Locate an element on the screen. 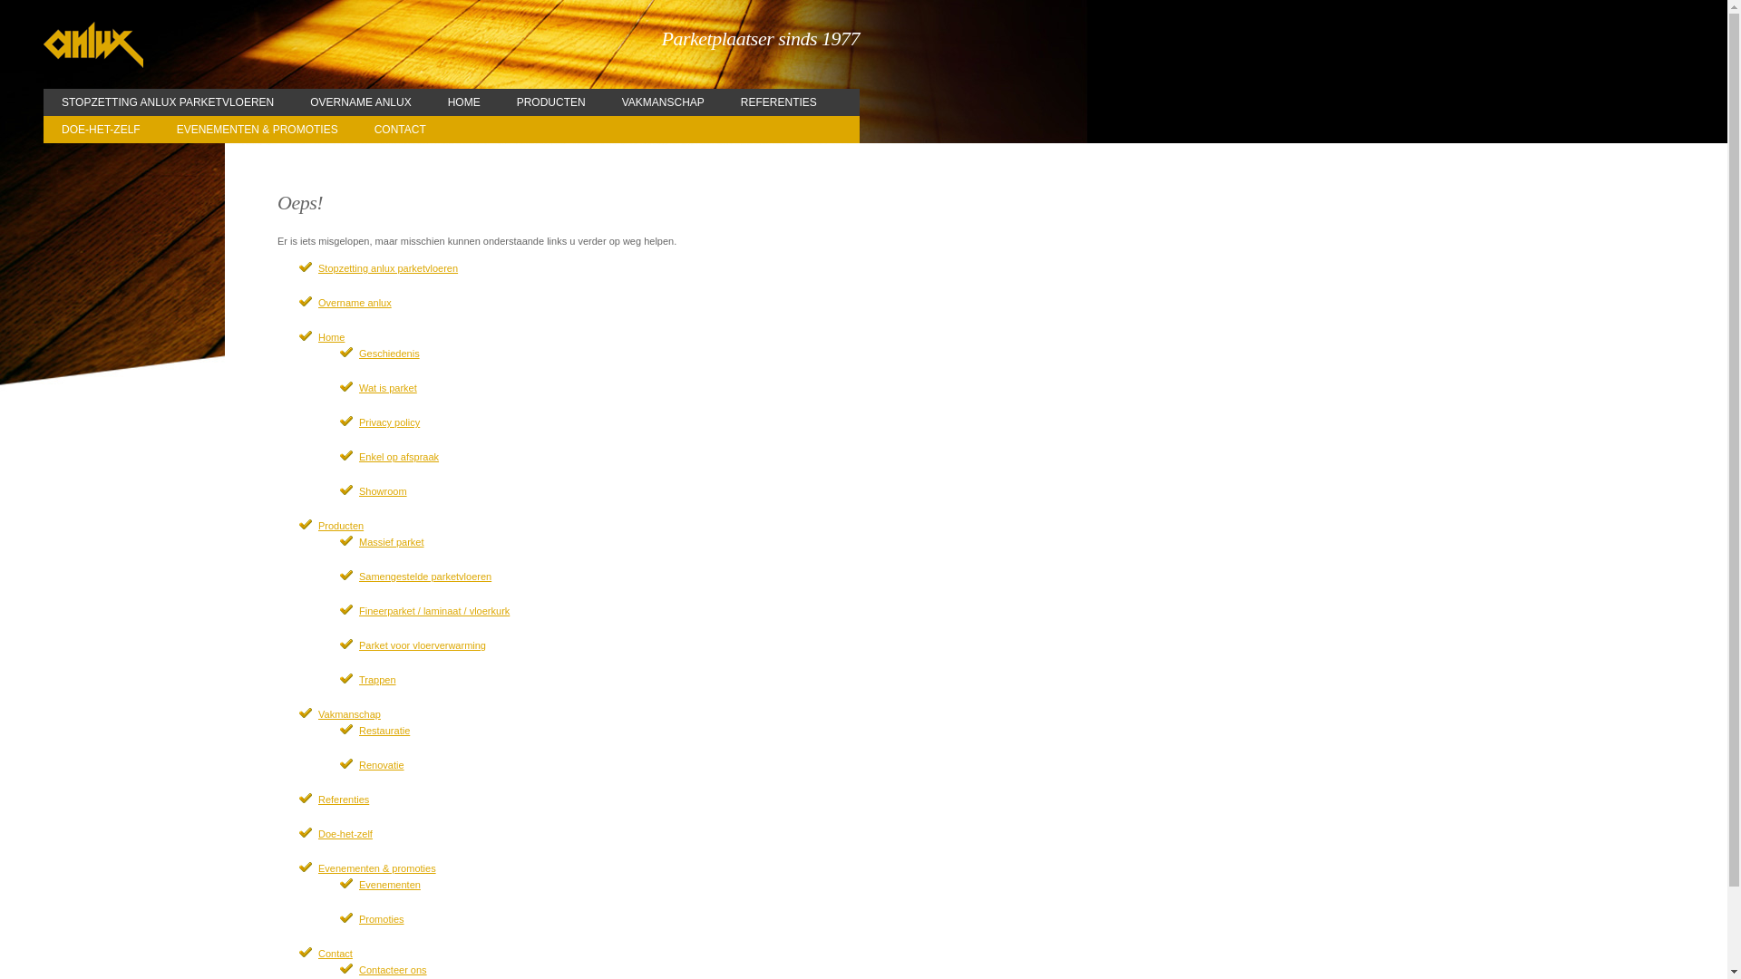 This screenshot has height=979, width=1741. 'PRODUCTEN' is located at coordinates (550, 102).